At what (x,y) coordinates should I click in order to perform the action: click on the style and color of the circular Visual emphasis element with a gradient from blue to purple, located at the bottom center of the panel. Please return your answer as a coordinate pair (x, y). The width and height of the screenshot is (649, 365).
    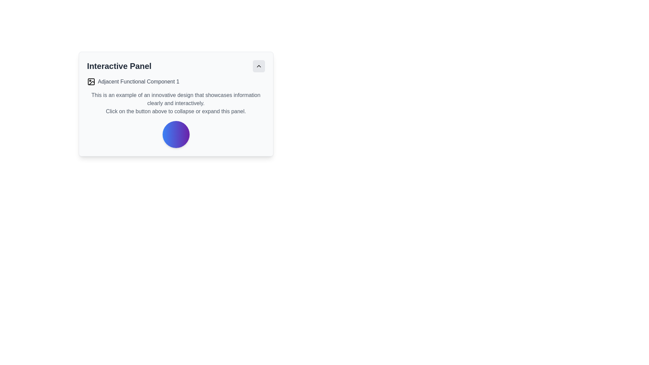
    Looking at the image, I should click on (176, 134).